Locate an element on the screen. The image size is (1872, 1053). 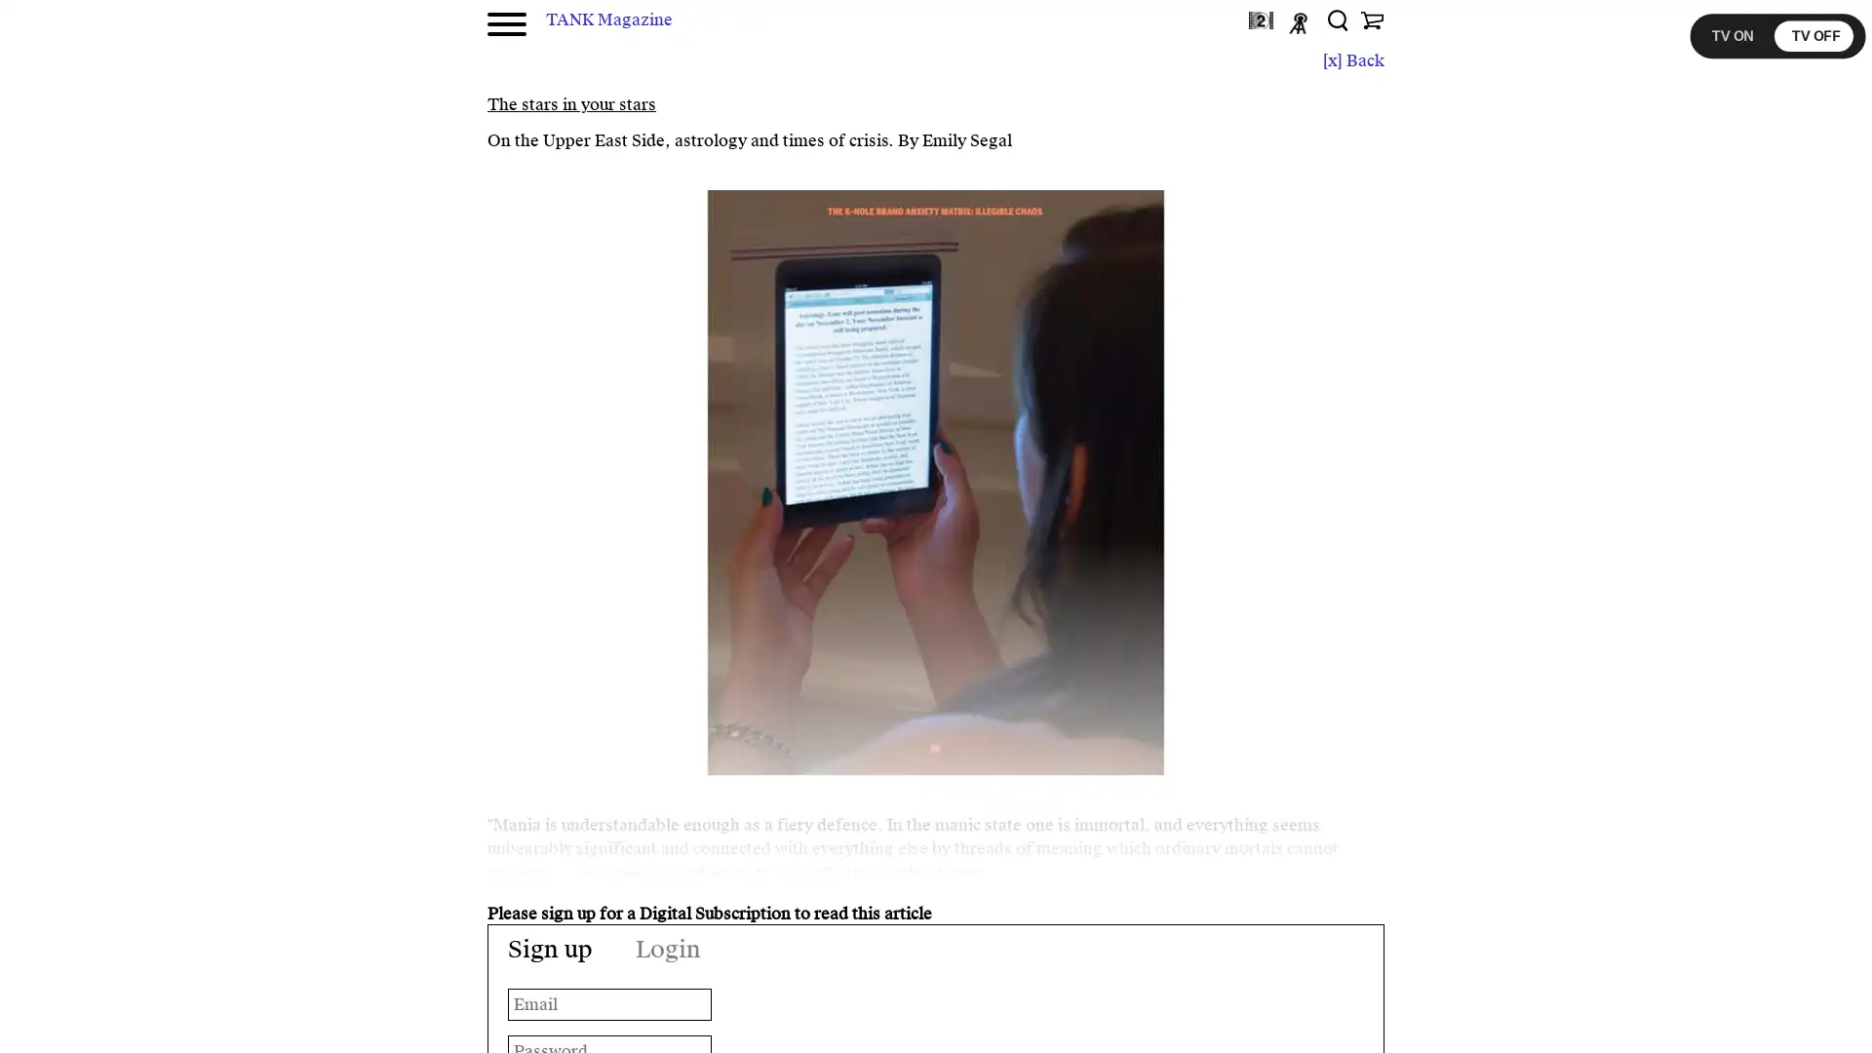
Podcast is located at coordinates (1301, 19).